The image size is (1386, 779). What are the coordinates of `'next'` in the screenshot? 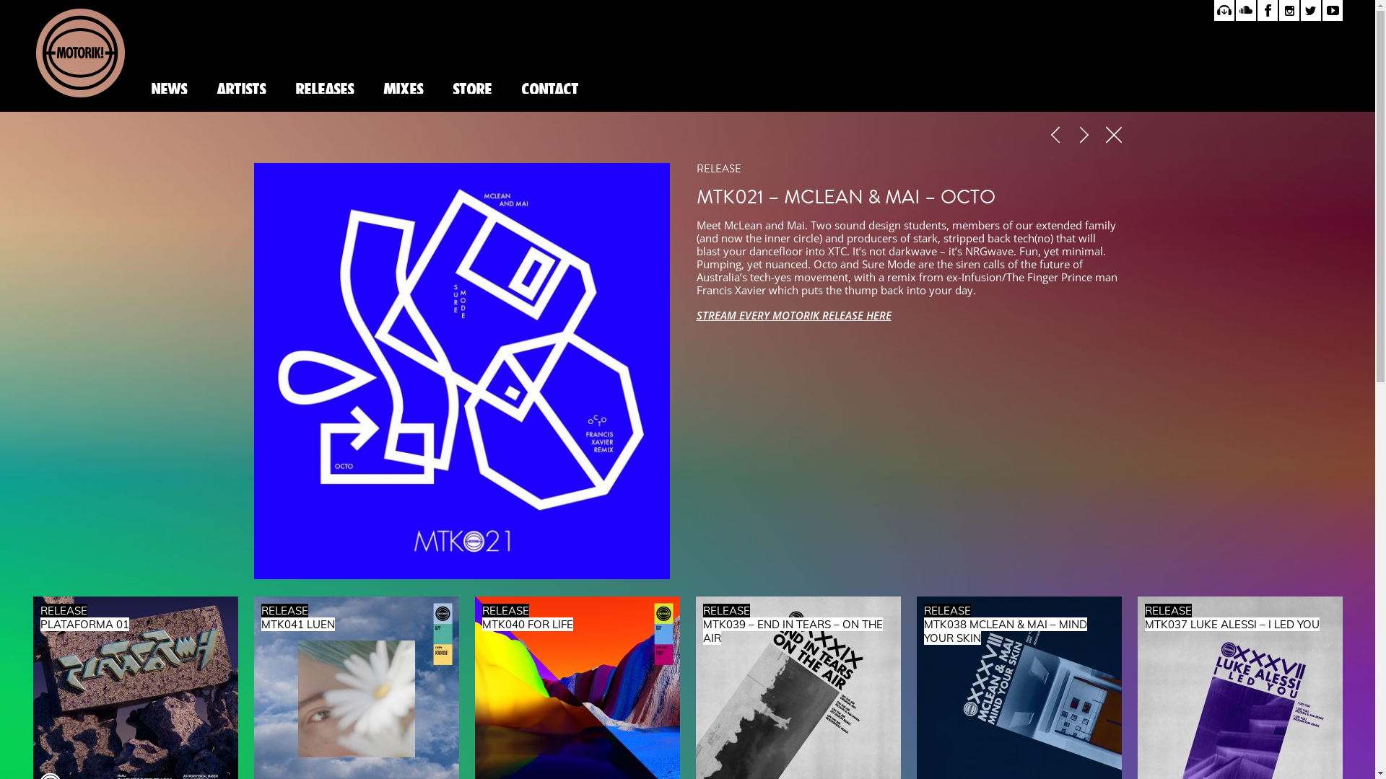 It's located at (1086, 136).